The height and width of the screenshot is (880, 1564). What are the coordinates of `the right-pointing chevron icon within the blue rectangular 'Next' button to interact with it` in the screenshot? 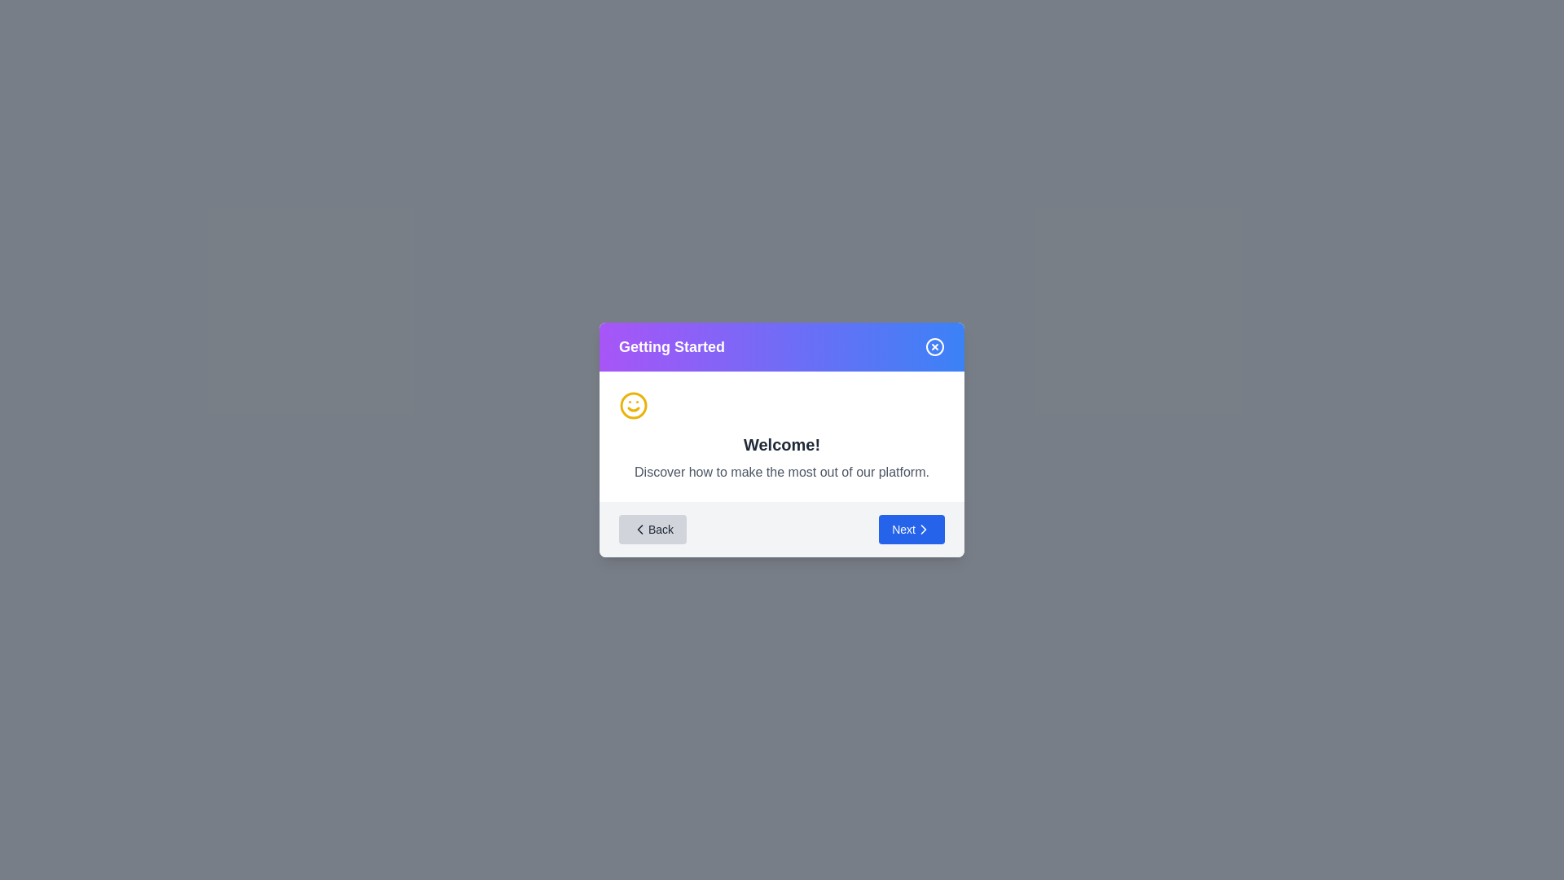 It's located at (923, 530).